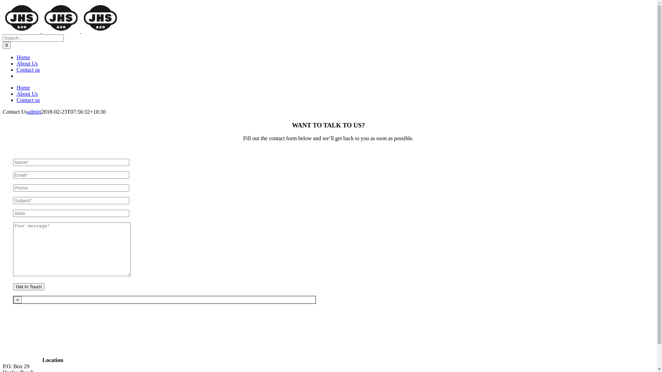  What do you see at coordinates (27, 63) in the screenshot?
I see `'About Us'` at bounding box center [27, 63].